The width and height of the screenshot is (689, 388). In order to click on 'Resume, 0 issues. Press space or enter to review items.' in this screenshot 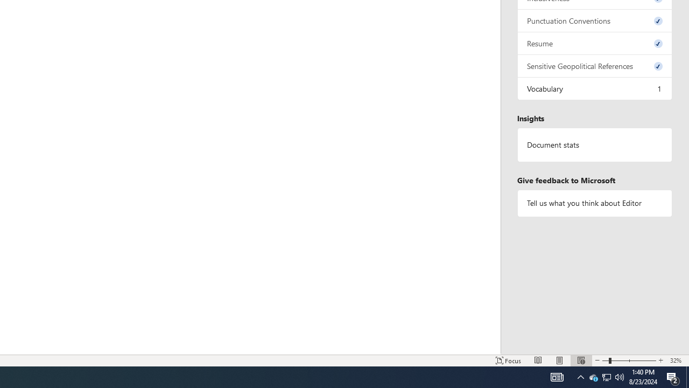, I will do `click(594, 43)`.